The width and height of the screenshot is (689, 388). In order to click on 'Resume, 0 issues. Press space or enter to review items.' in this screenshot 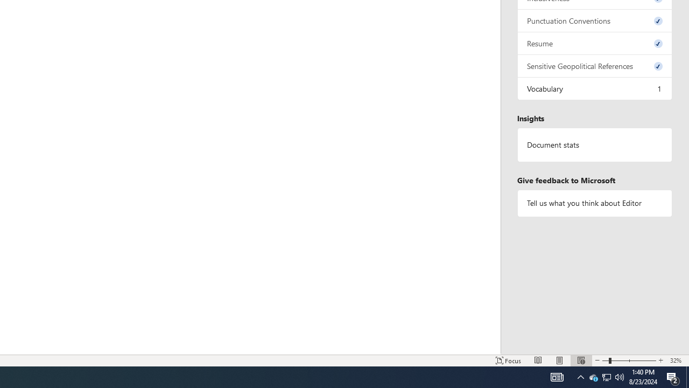, I will do `click(594, 43)`.